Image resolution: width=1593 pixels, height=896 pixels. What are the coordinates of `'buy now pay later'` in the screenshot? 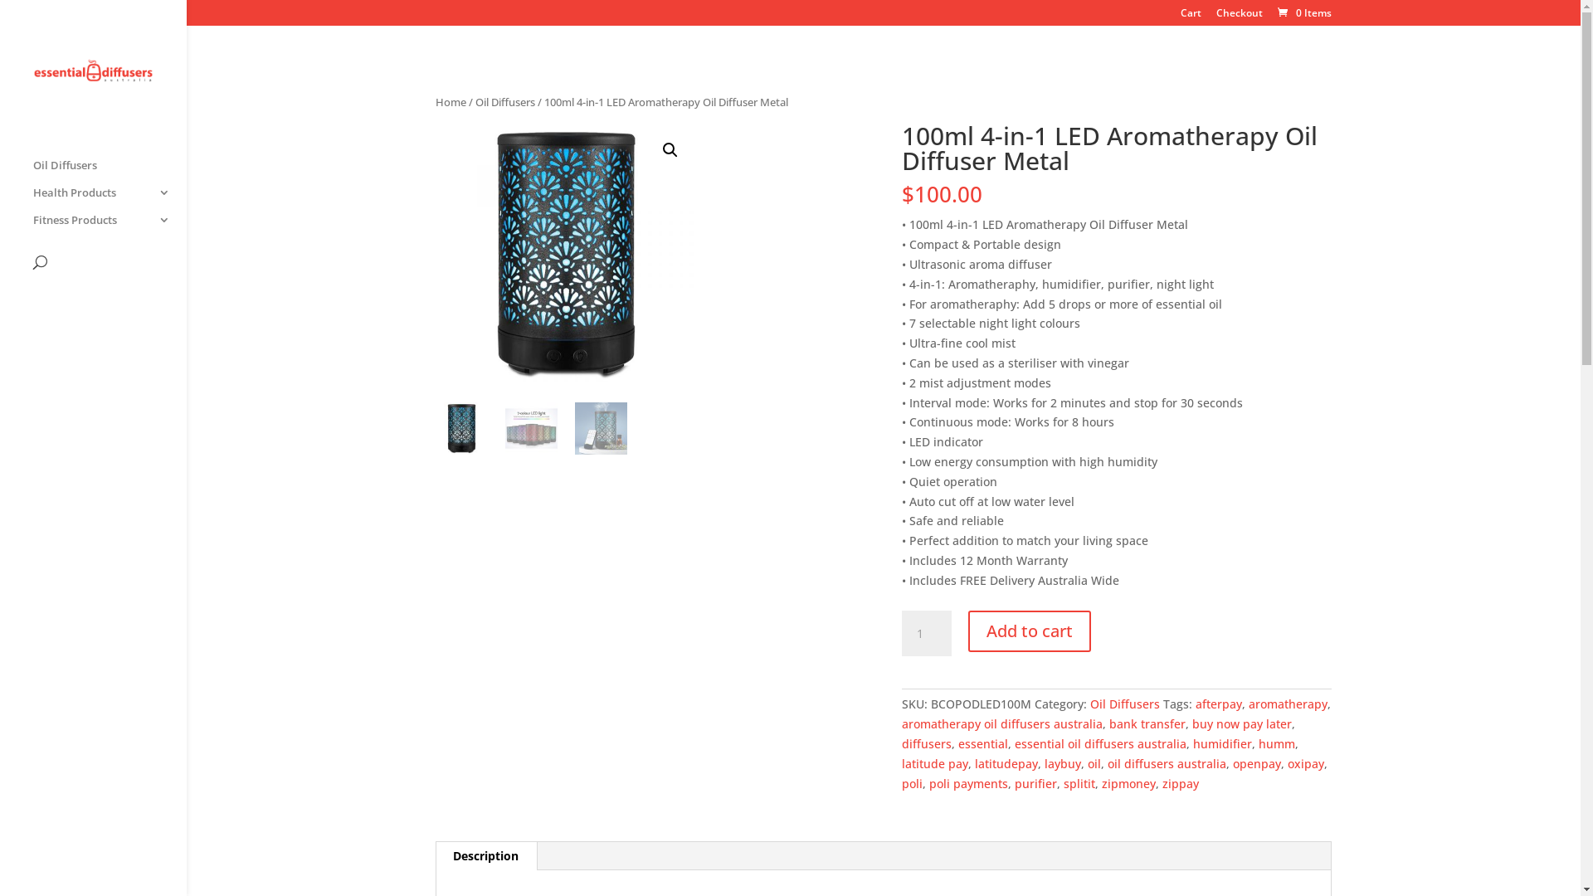 It's located at (1191, 723).